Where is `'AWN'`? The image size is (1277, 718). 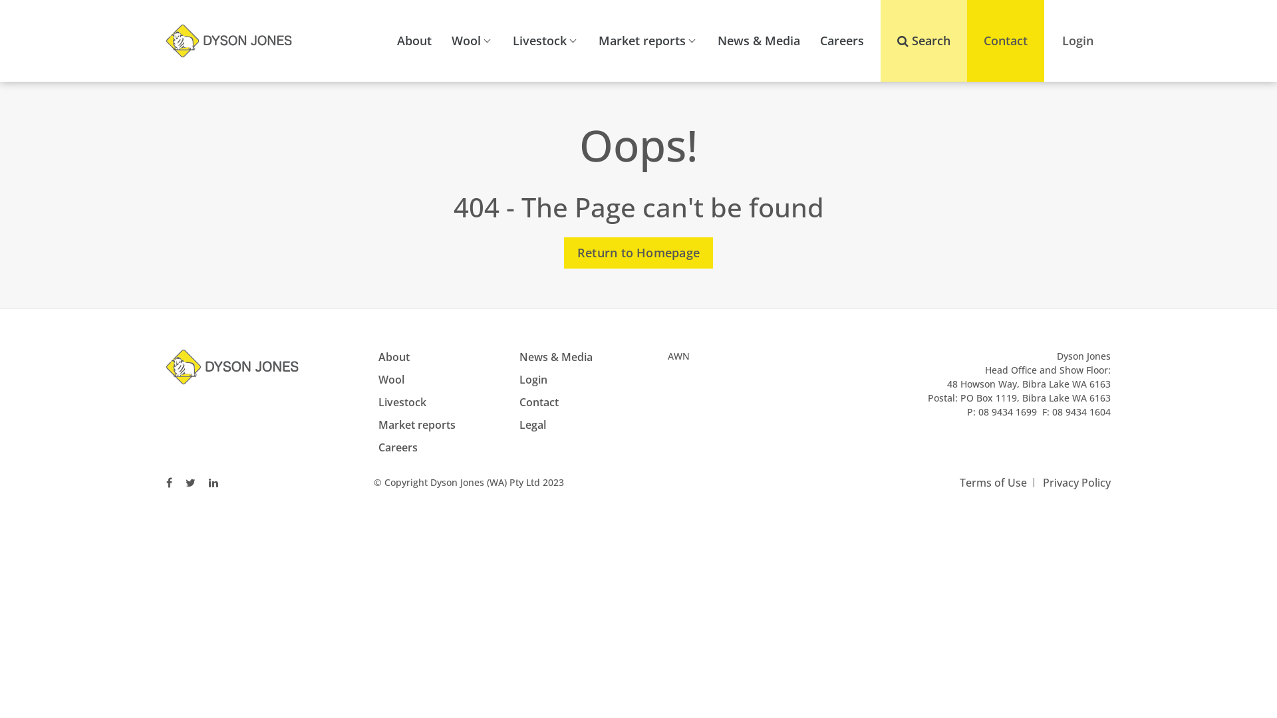
'AWN' is located at coordinates (678, 355).